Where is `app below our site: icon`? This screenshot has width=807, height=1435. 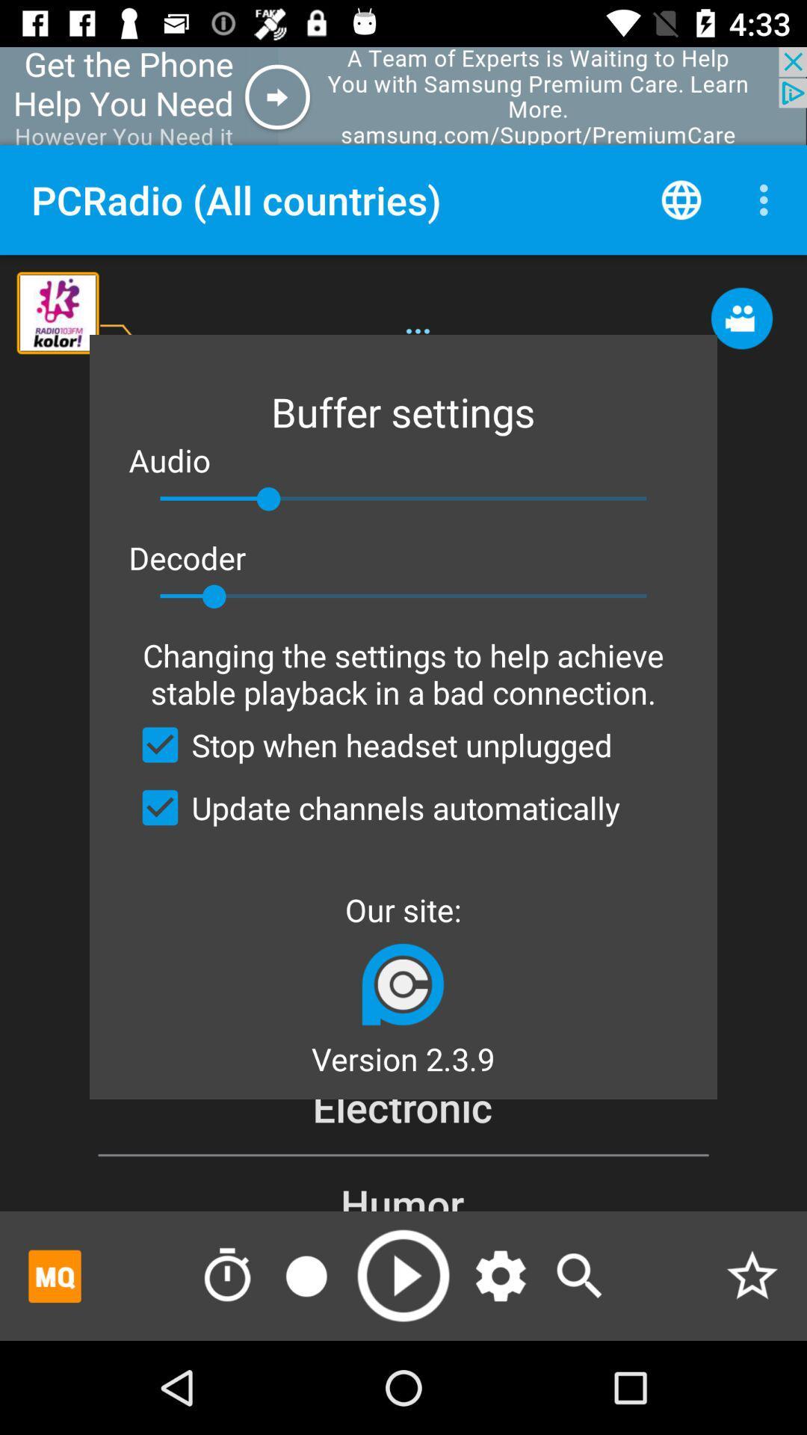
app below our site: icon is located at coordinates (402, 984).